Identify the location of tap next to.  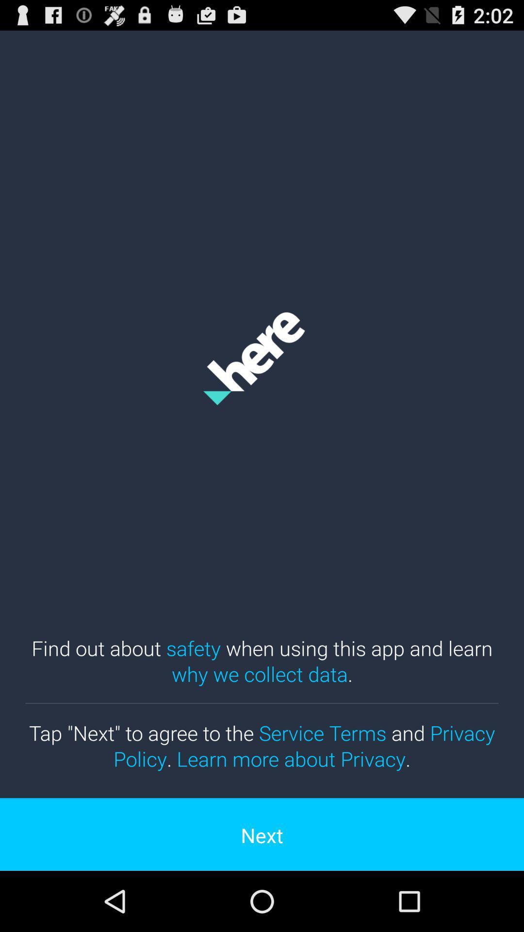
(262, 745).